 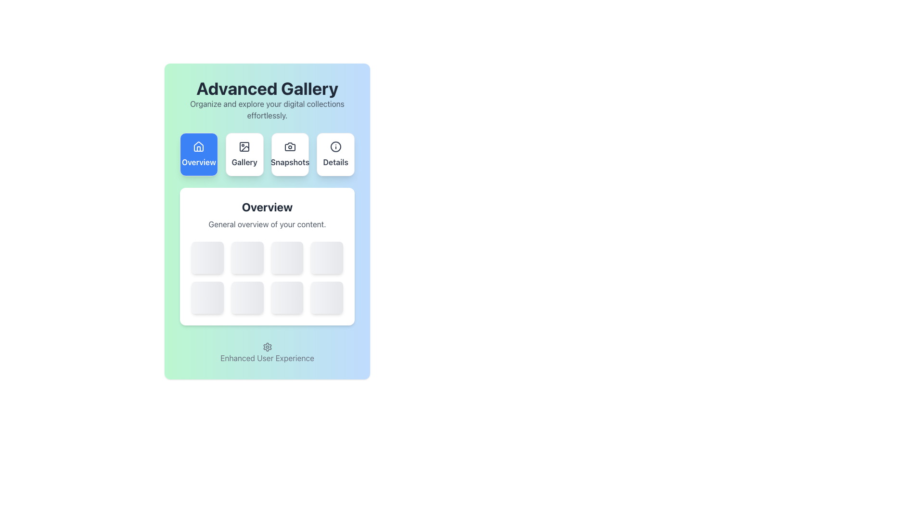 What do you see at coordinates (247, 257) in the screenshot?
I see `the square card with a gradient background and rounded corners located in the first row and second column of the grid layout beneath the 'Overview' section` at bounding box center [247, 257].